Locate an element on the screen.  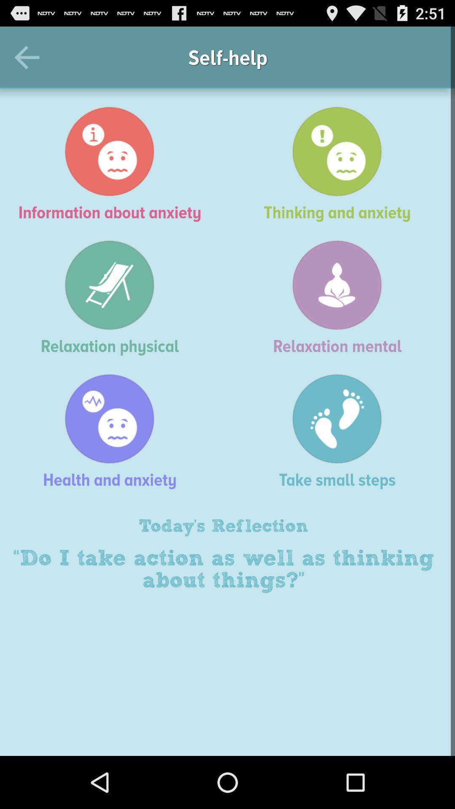
the relaxation physical icon is located at coordinates (114, 297).